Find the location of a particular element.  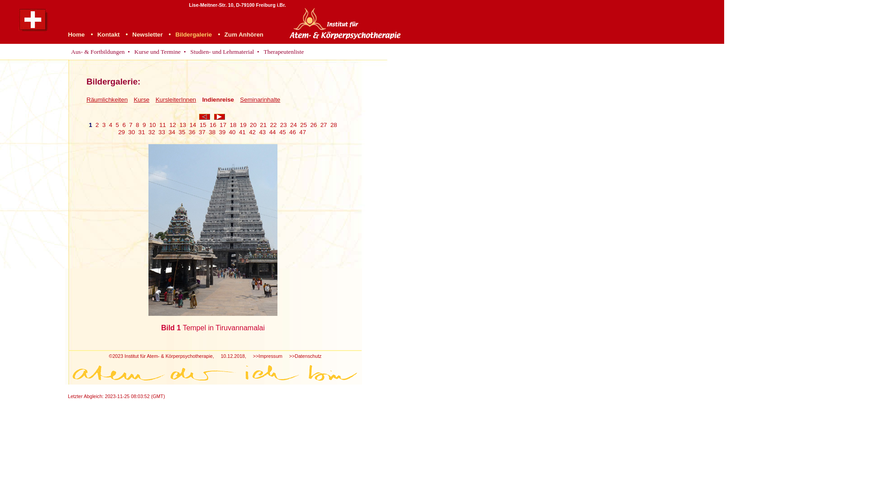

'35' is located at coordinates (178, 132).